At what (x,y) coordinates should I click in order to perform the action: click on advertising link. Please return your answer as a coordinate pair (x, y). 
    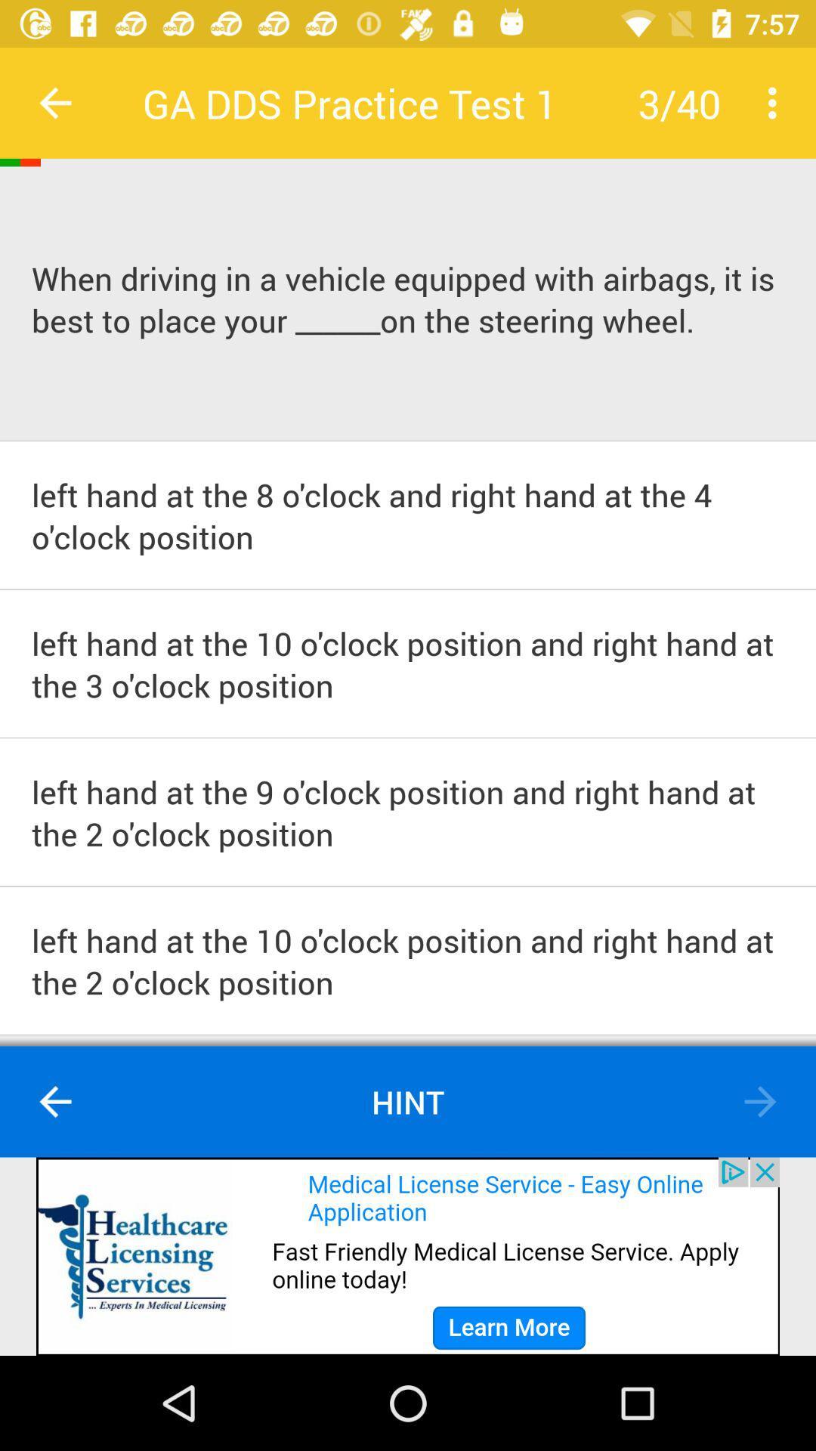
    Looking at the image, I should click on (408, 1256).